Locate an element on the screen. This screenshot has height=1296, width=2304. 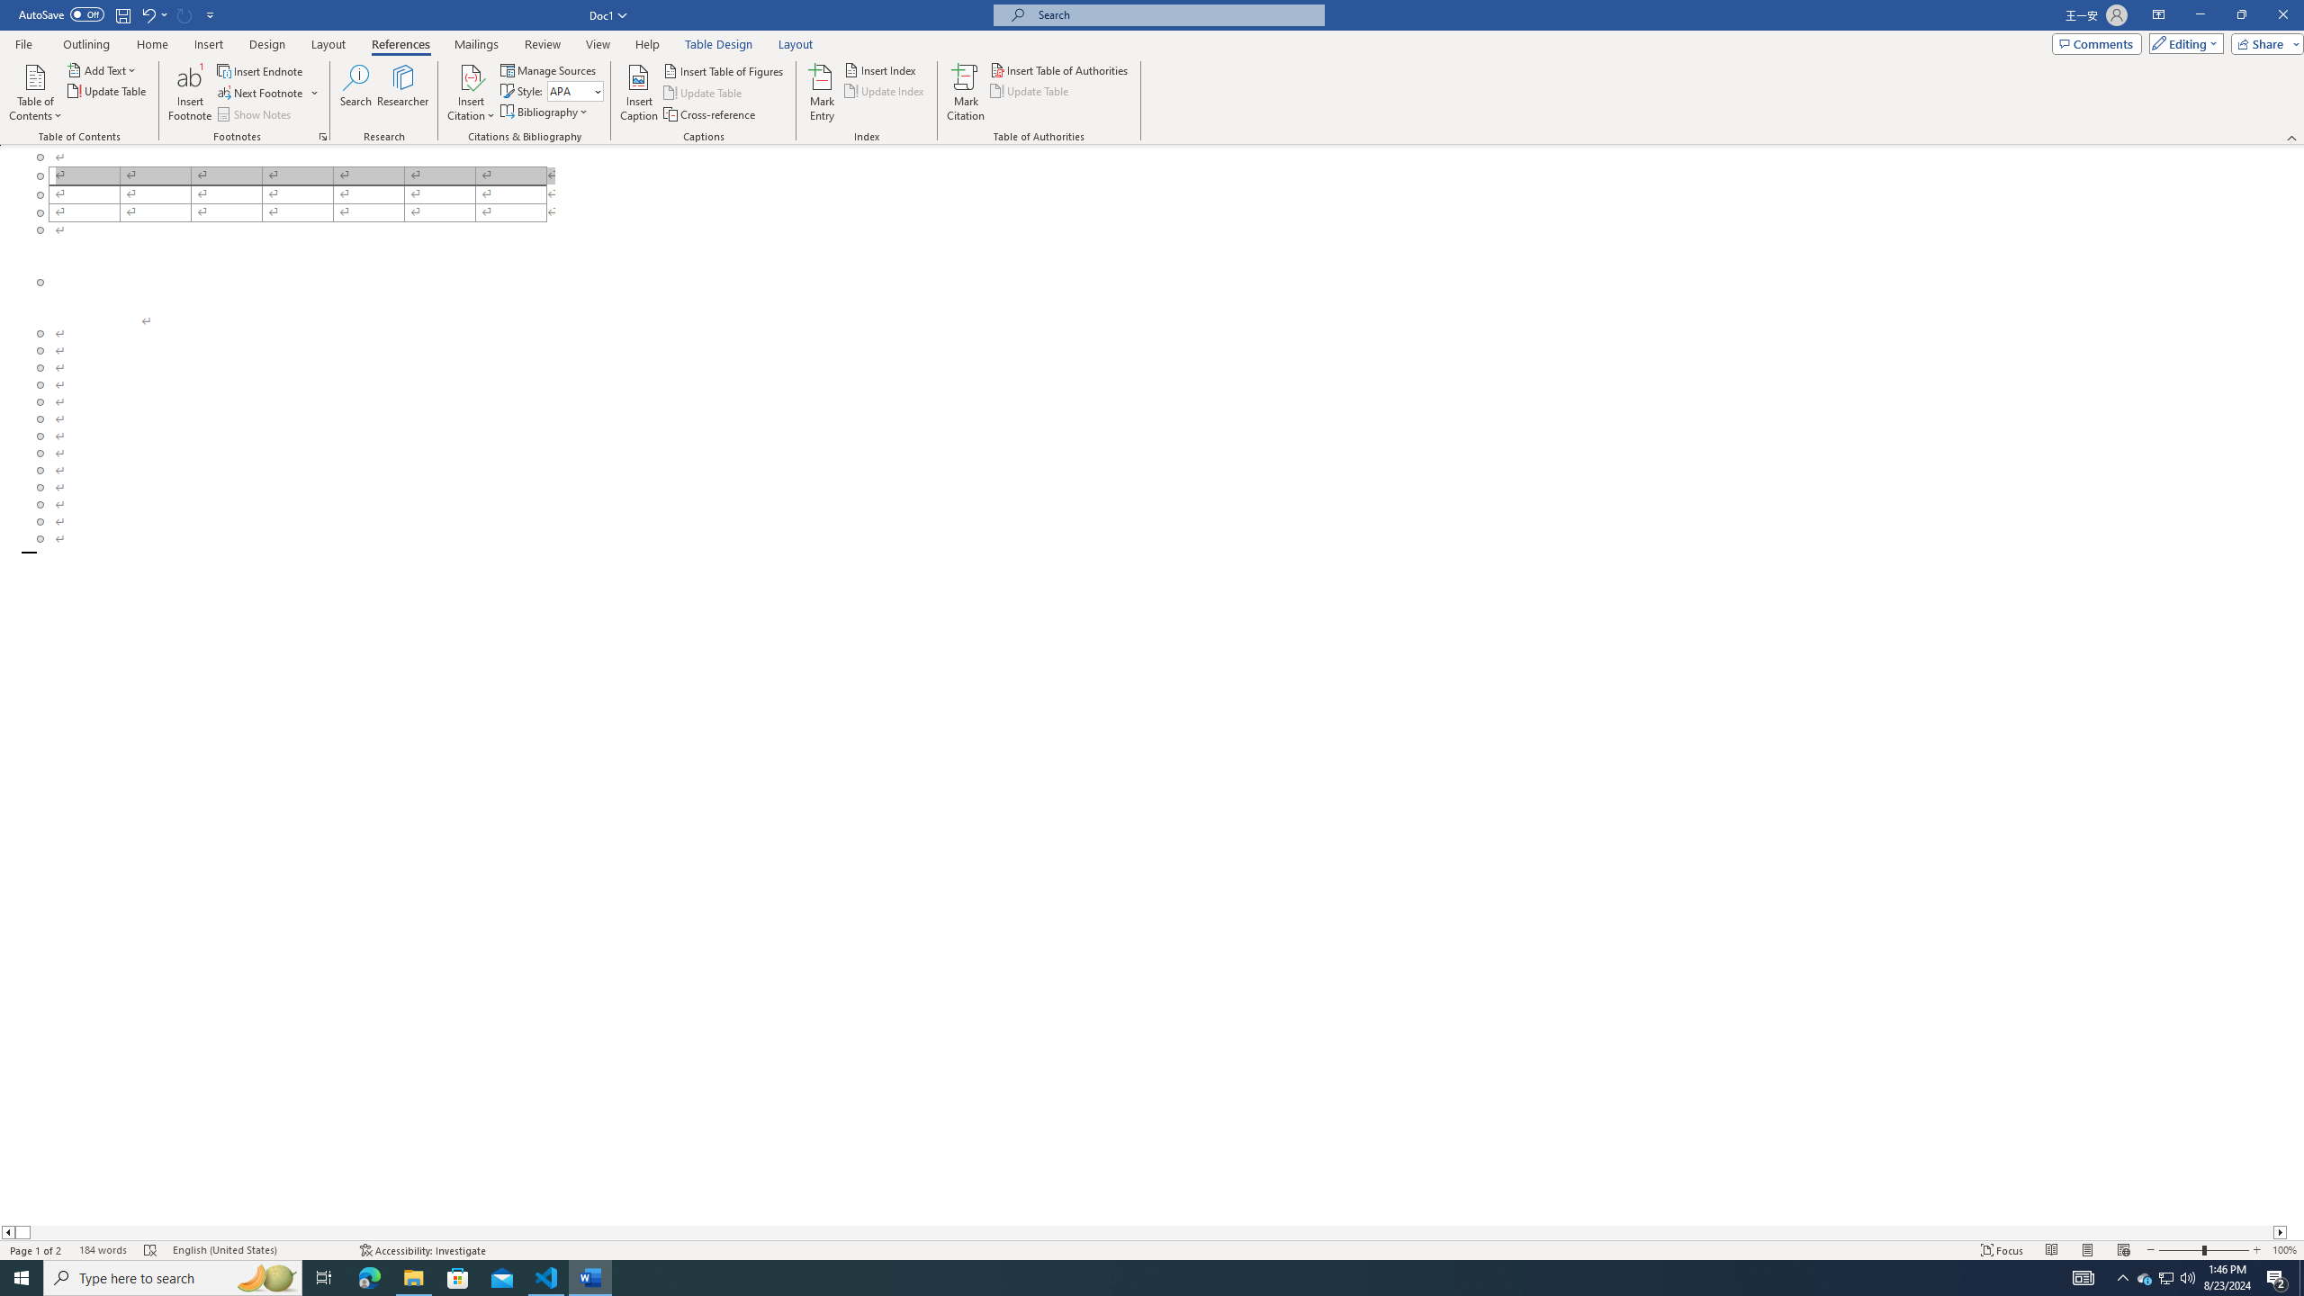
'Zoom 100%' is located at coordinates (2283, 1250).